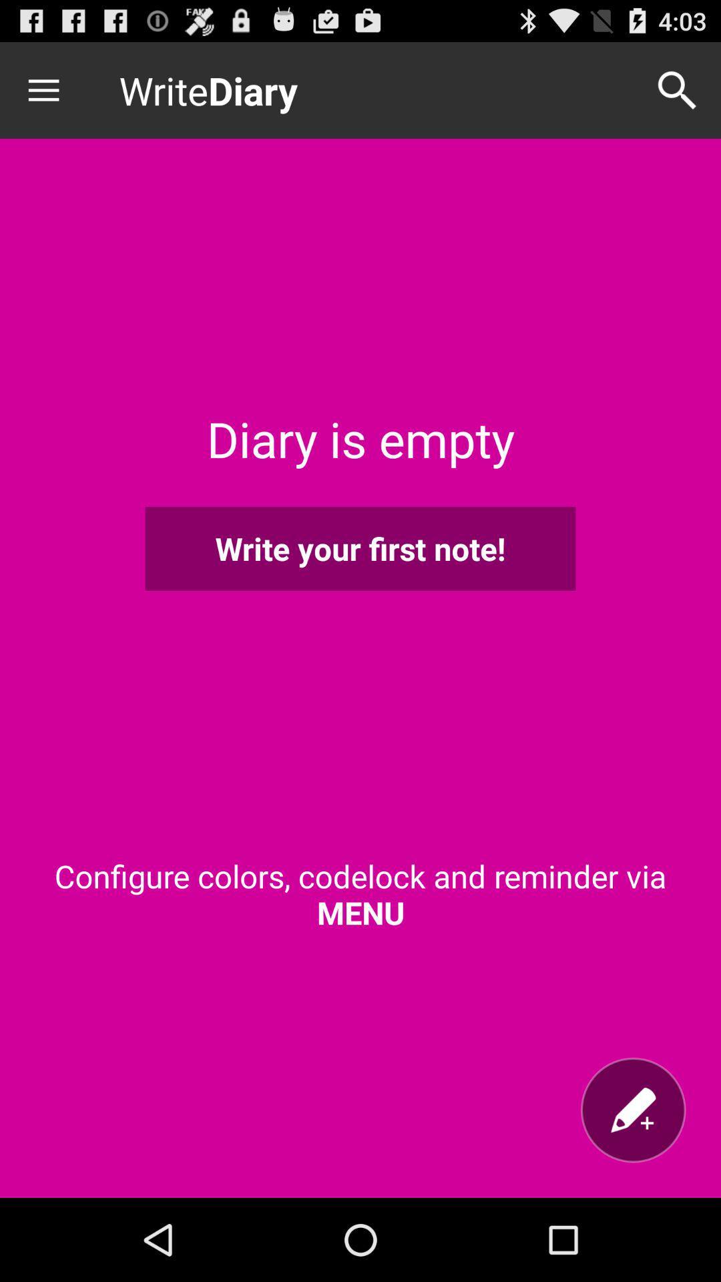 The image size is (721, 1282). What do you see at coordinates (360, 894) in the screenshot?
I see `the configure colors codelock item` at bounding box center [360, 894].